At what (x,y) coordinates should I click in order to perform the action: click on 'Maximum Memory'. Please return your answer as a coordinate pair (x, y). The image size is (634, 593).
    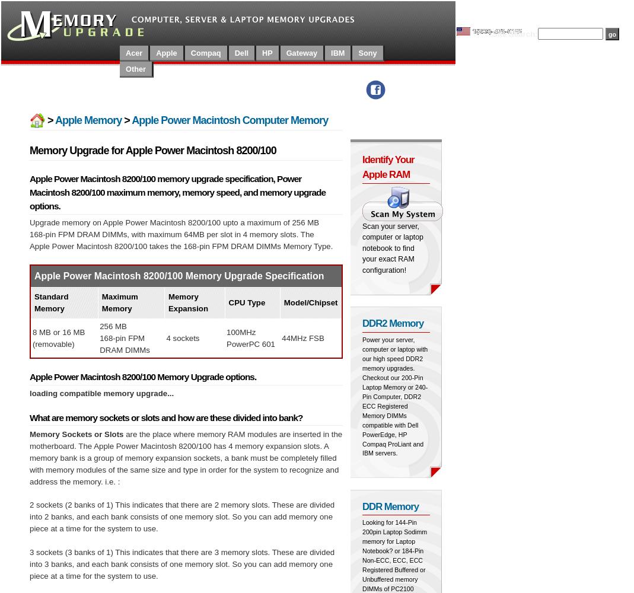
    Looking at the image, I should click on (101, 302).